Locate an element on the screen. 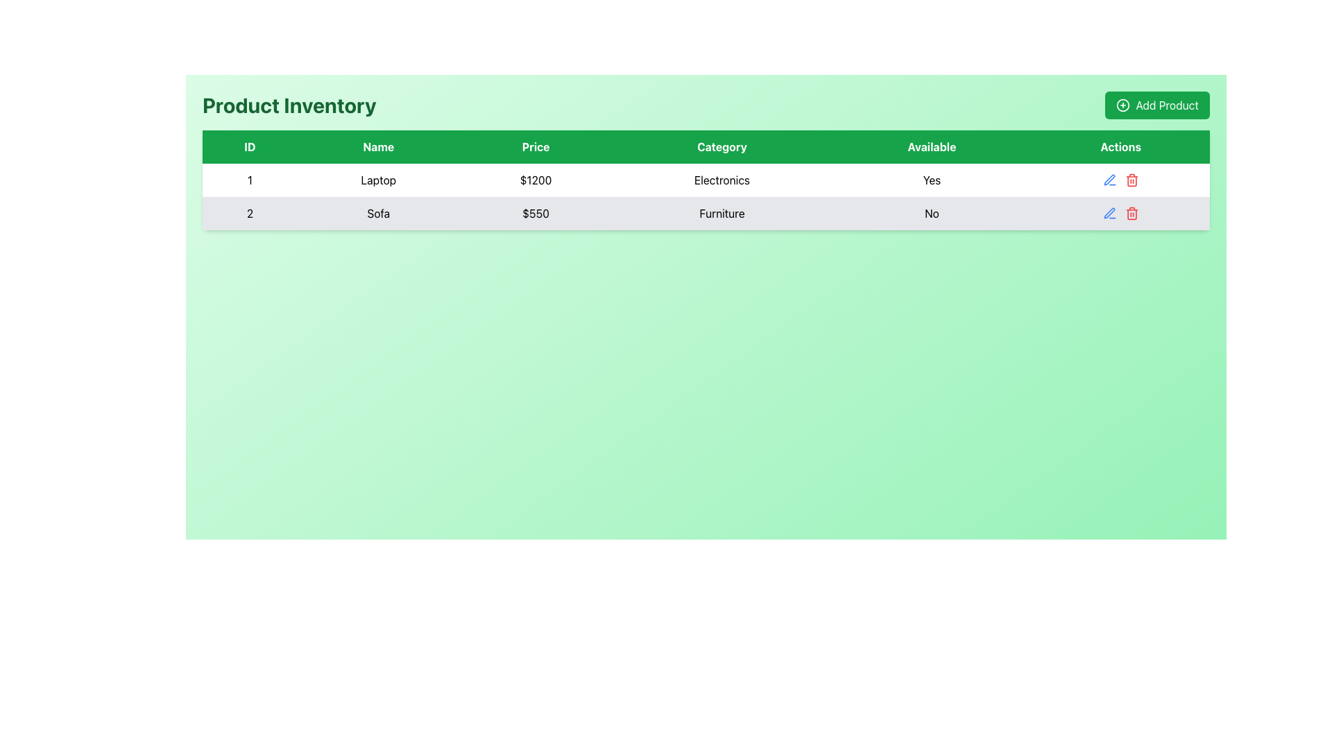 The width and height of the screenshot is (1332, 749). the interactive icons in the 'Actions' column of the second row ('Sofa') in the data table is located at coordinates (1120, 214).